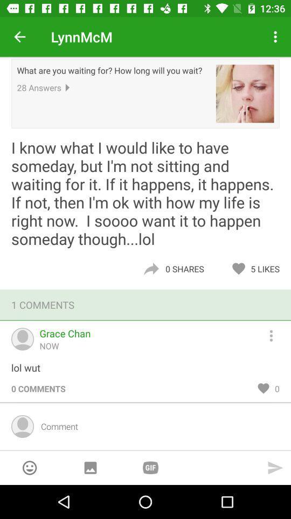  What do you see at coordinates (276, 334) in the screenshot?
I see `get more option` at bounding box center [276, 334].